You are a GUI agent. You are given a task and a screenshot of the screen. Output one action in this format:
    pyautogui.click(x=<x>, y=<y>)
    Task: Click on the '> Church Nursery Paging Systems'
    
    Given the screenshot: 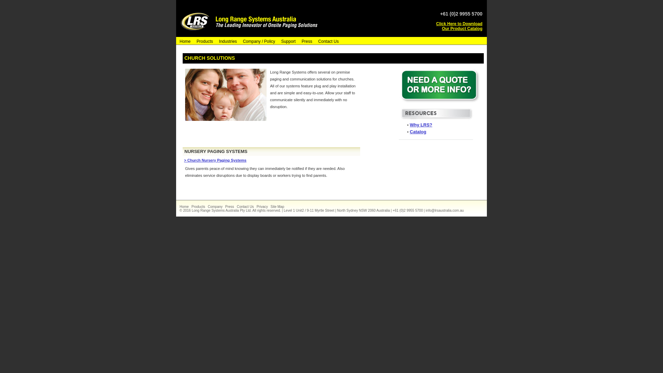 What is the action you would take?
    pyautogui.click(x=215, y=160)
    